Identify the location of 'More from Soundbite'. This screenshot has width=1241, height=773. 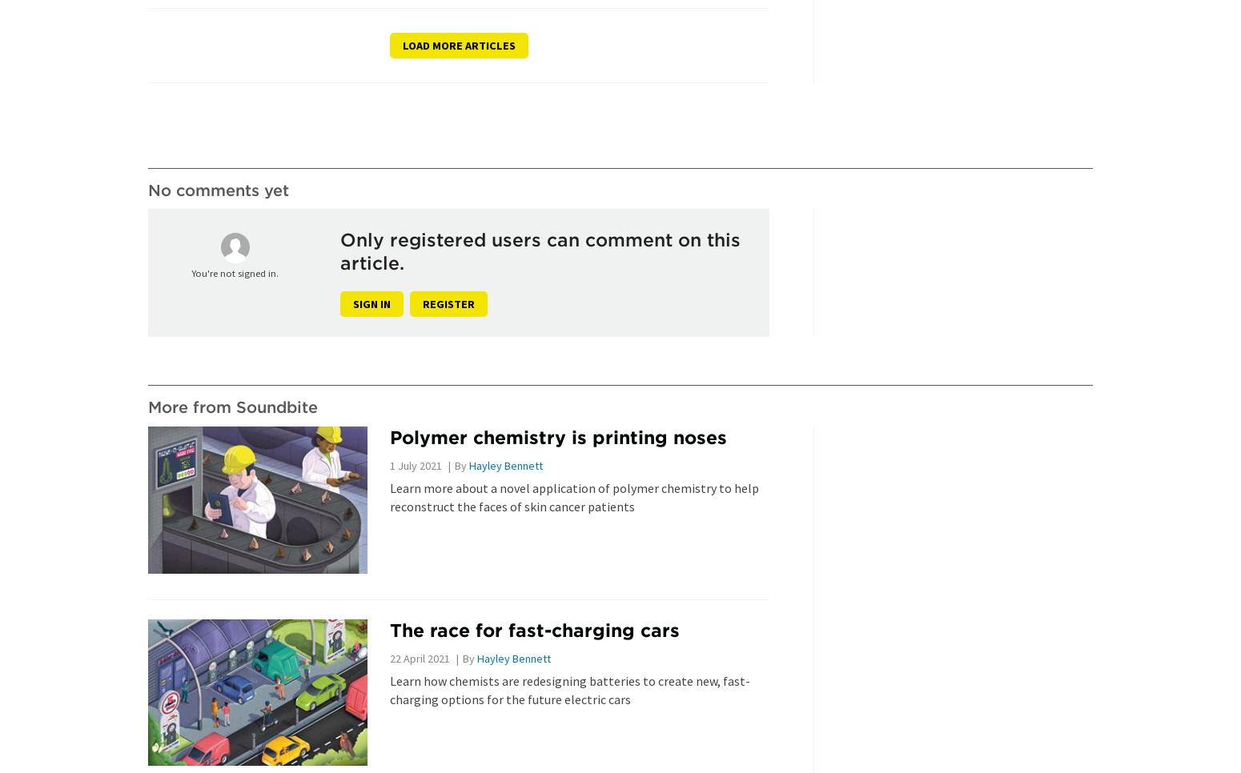
(232, 406).